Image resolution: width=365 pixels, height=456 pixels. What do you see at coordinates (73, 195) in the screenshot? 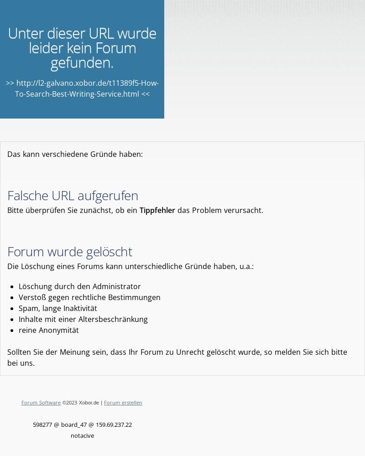
I see `'Falsche URL aufgerufen'` at bounding box center [73, 195].